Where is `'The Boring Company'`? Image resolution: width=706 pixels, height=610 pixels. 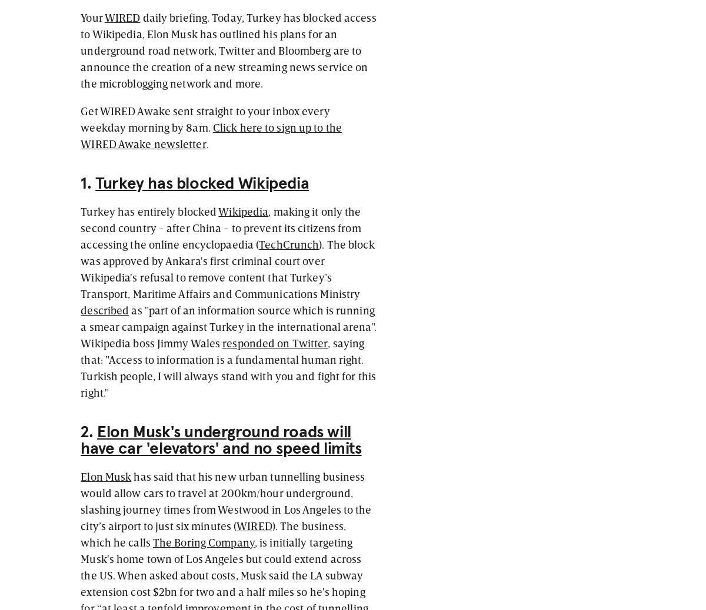 'The Boring Company' is located at coordinates (203, 541).